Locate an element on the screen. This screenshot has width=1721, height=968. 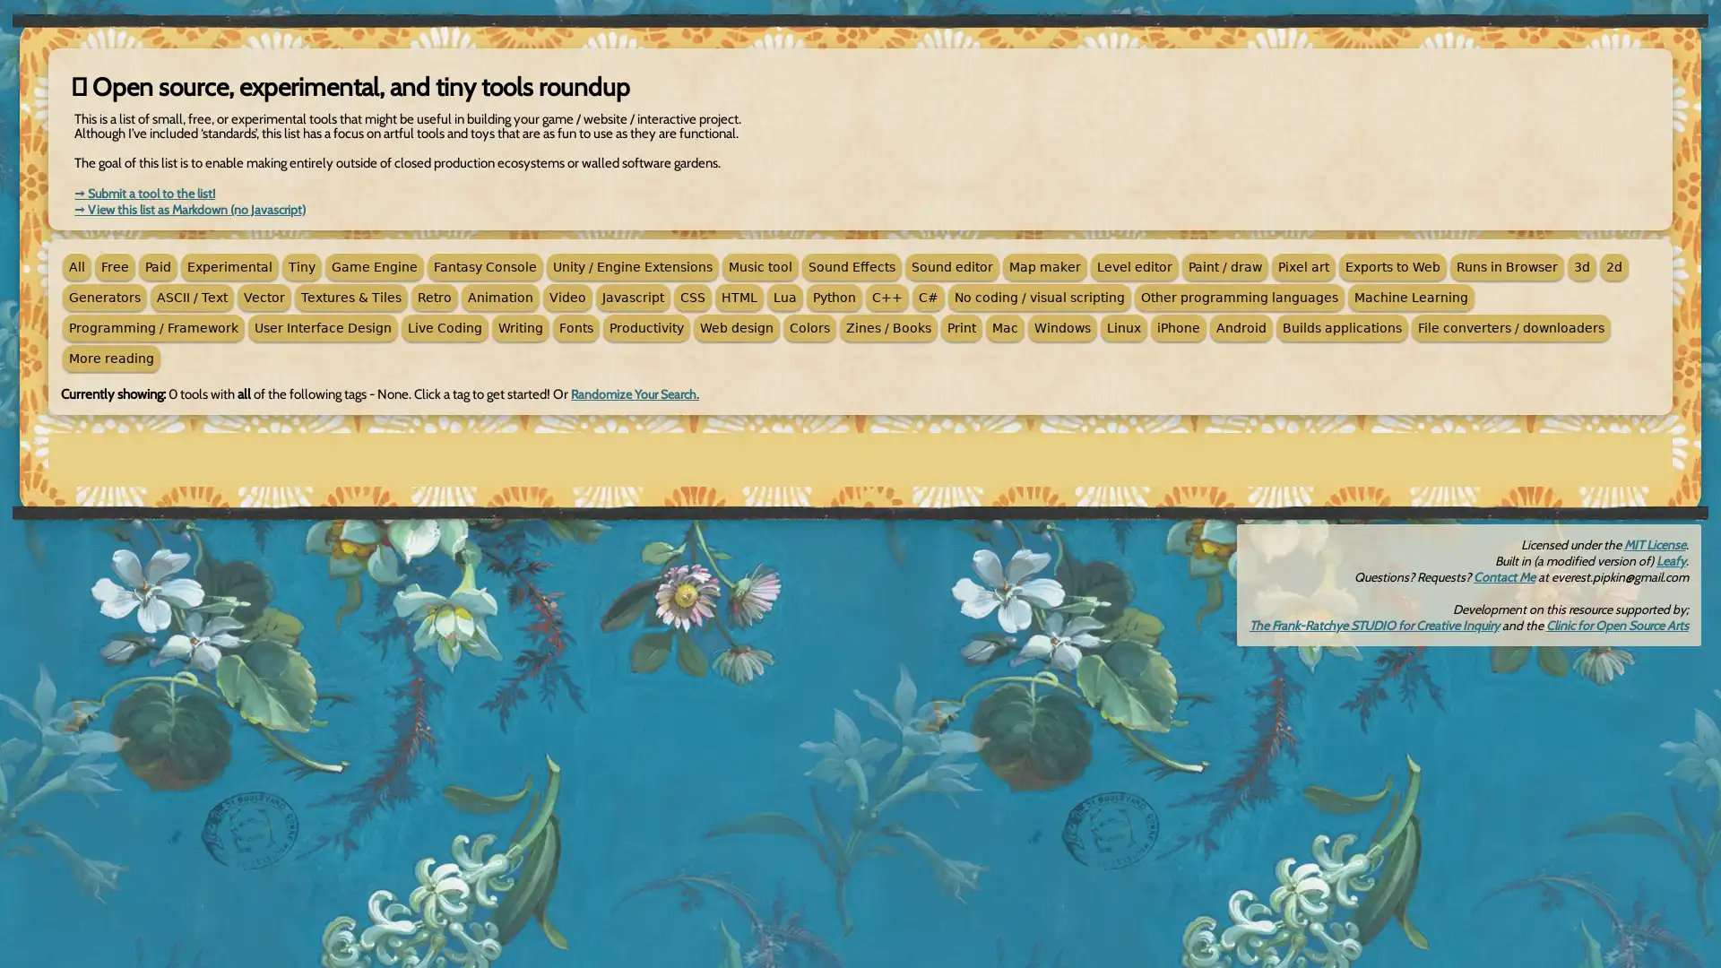
Zines / Books is located at coordinates (888, 328).